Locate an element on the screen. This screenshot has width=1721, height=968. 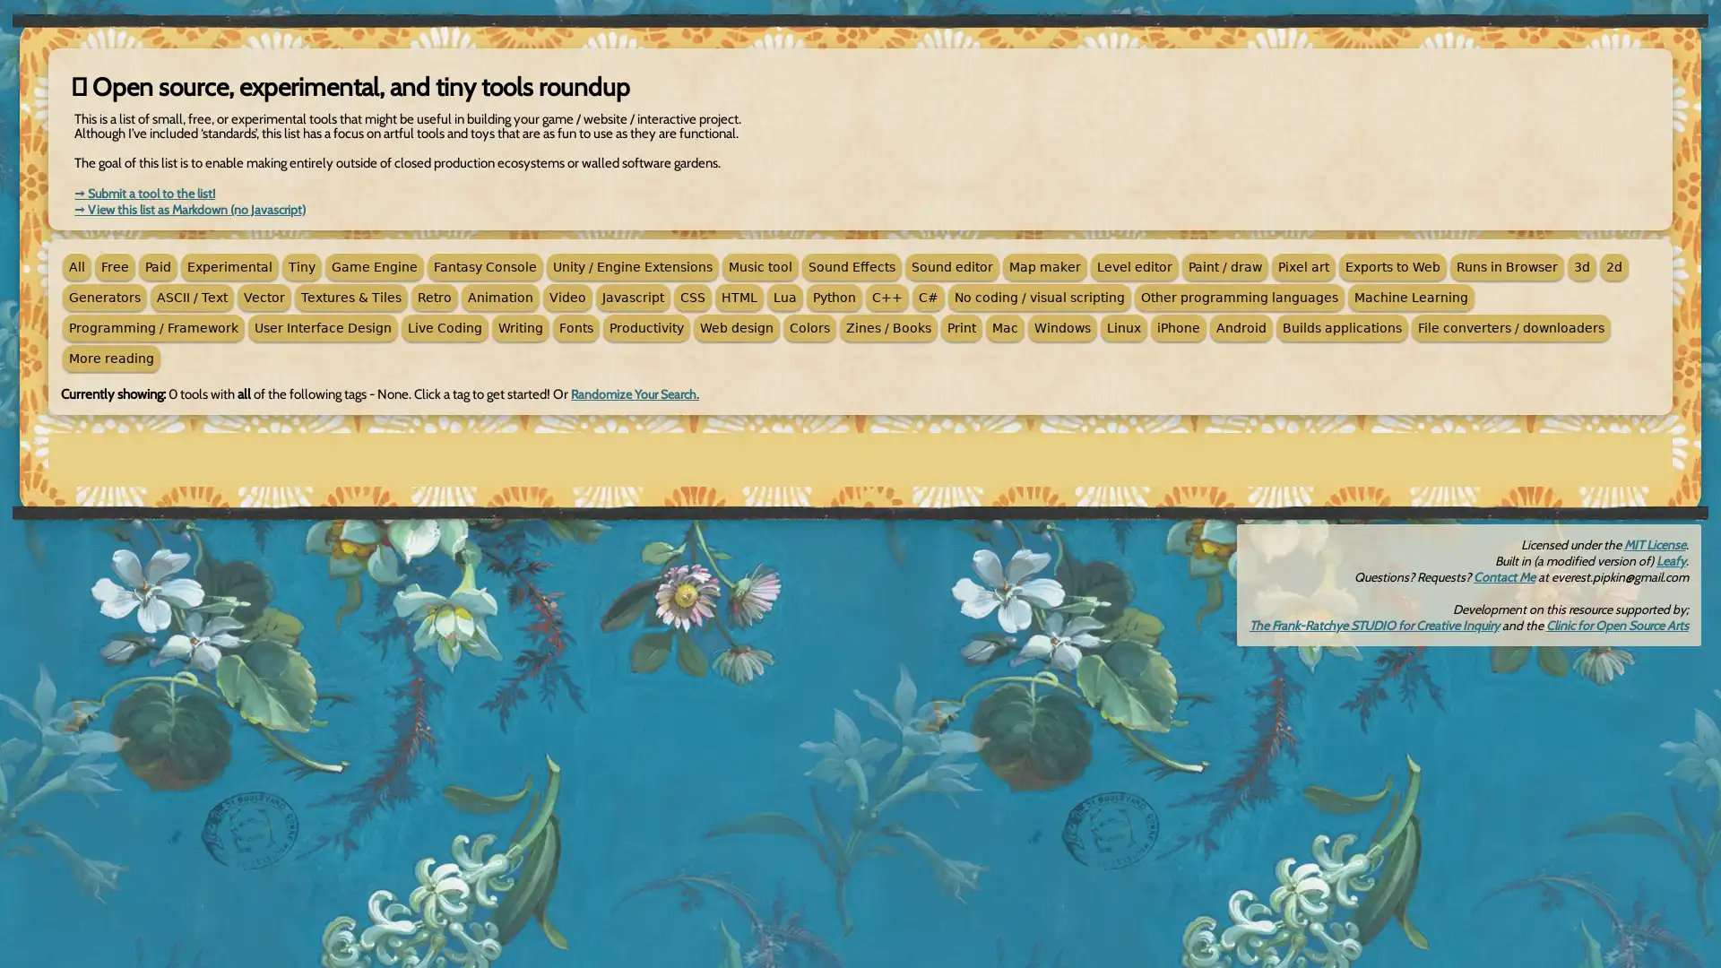
Zines / Books is located at coordinates (888, 328).